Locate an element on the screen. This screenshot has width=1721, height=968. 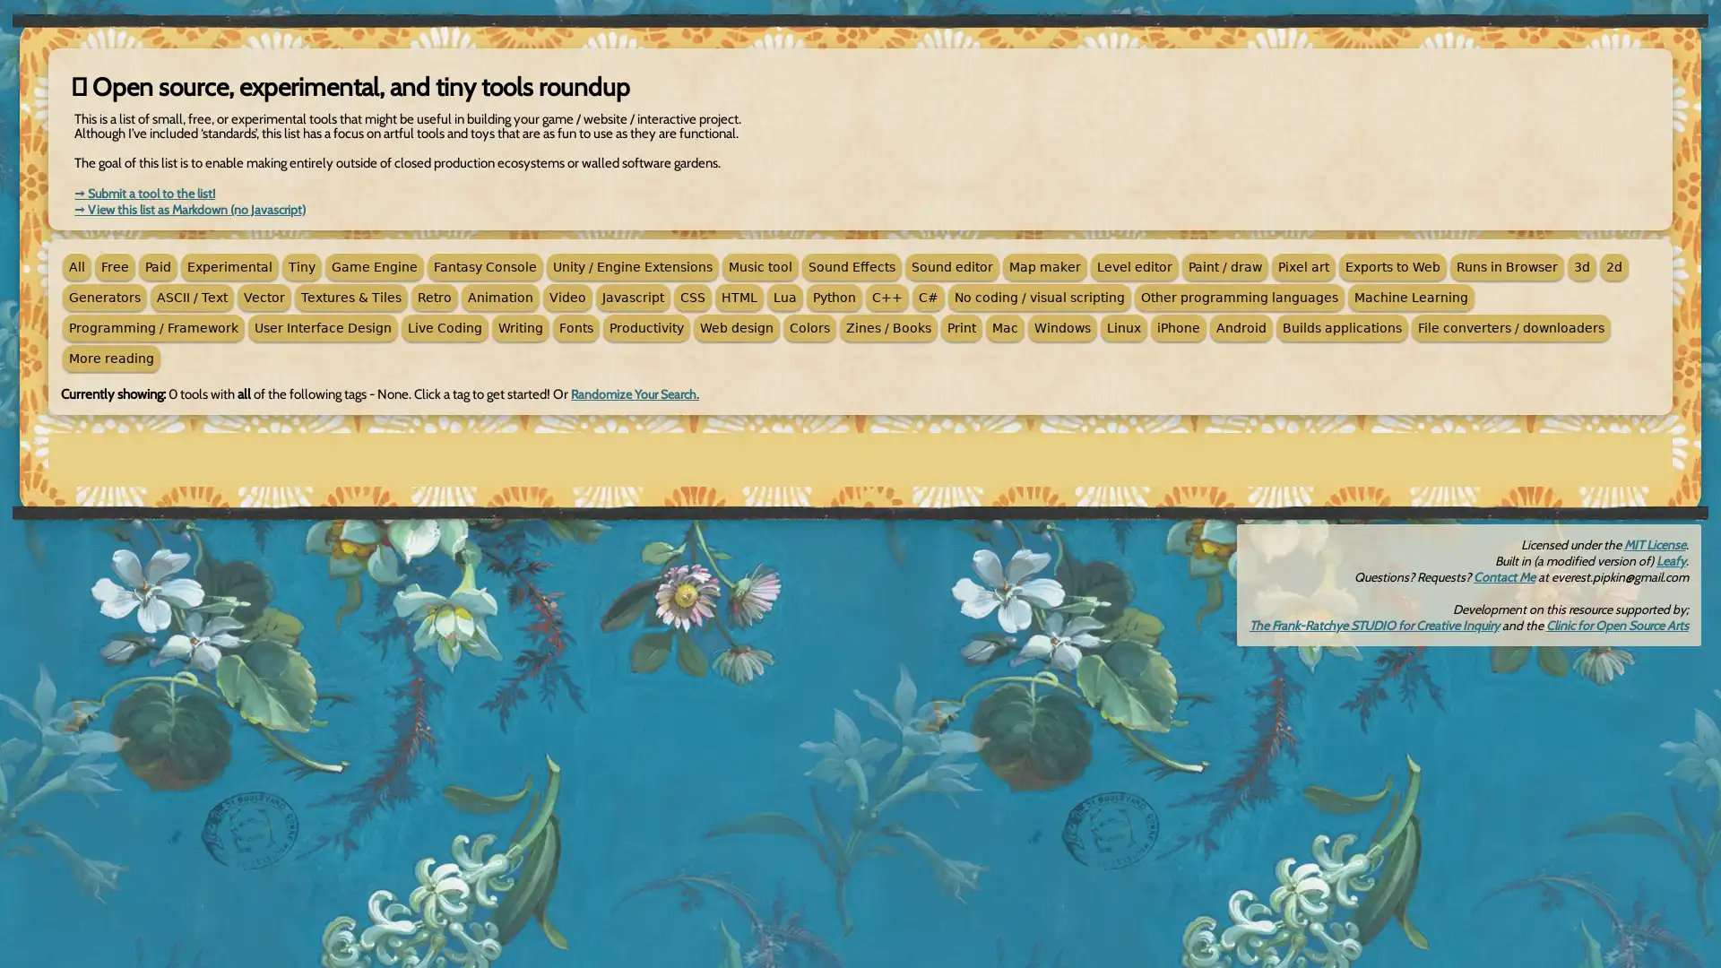
Zines / Books is located at coordinates (888, 328).